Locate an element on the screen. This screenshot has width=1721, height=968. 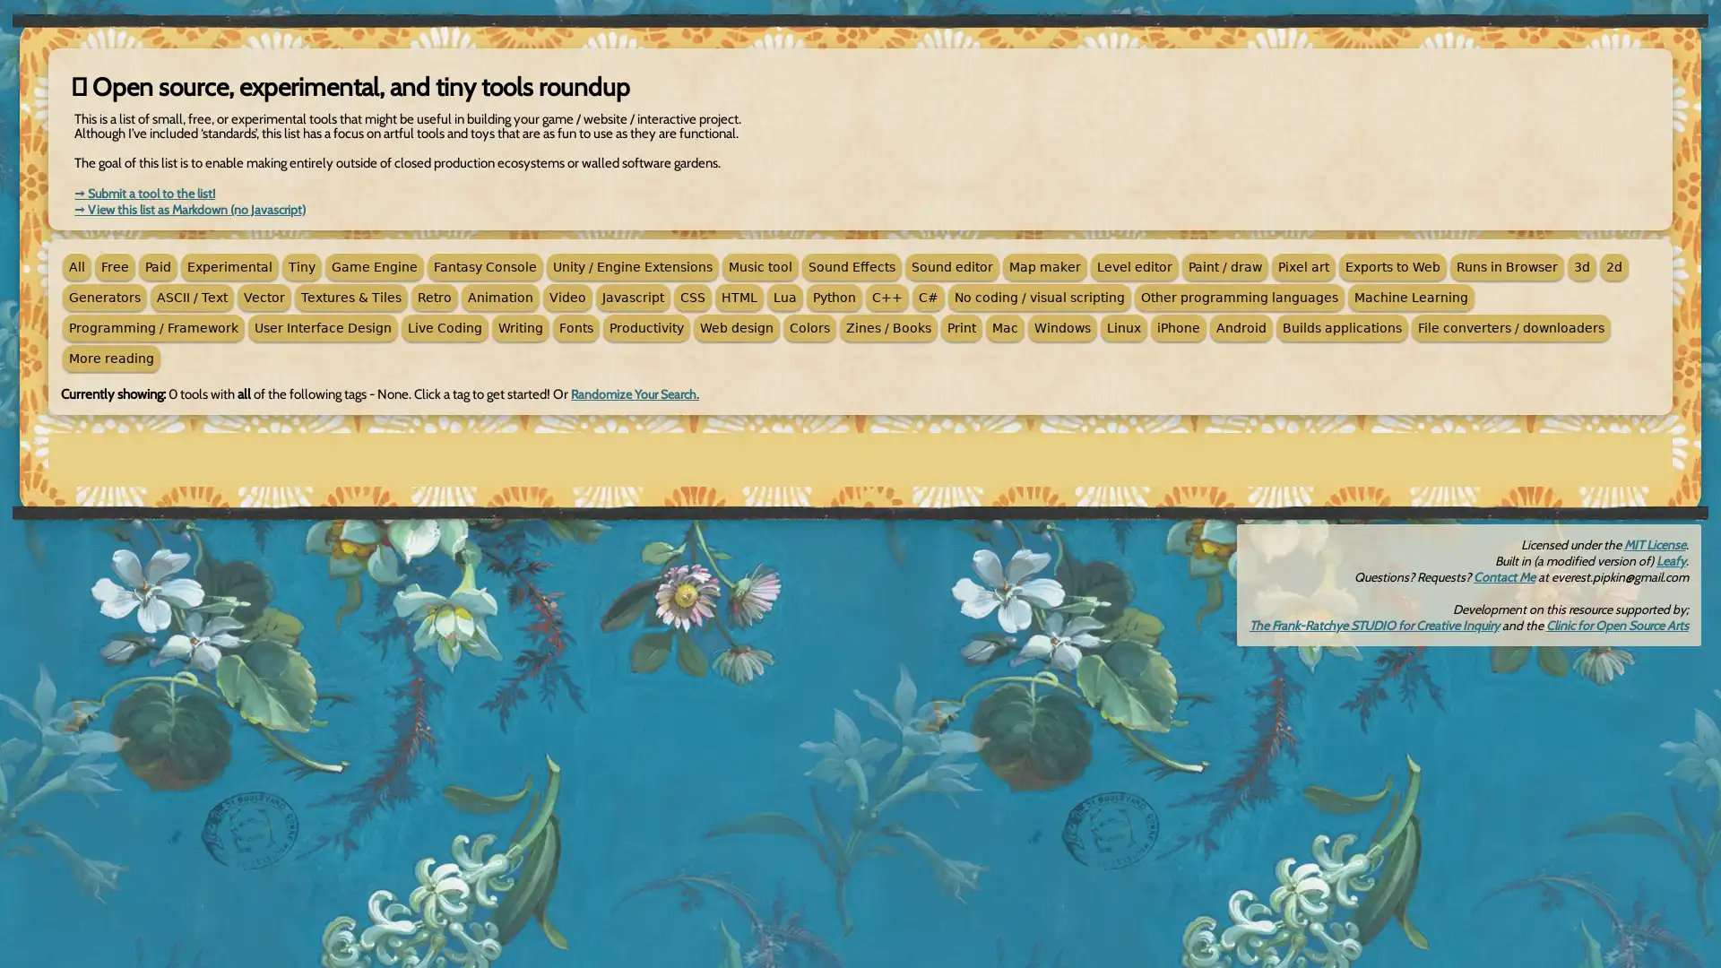
Zines / Books is located at coordinates (888, 328).